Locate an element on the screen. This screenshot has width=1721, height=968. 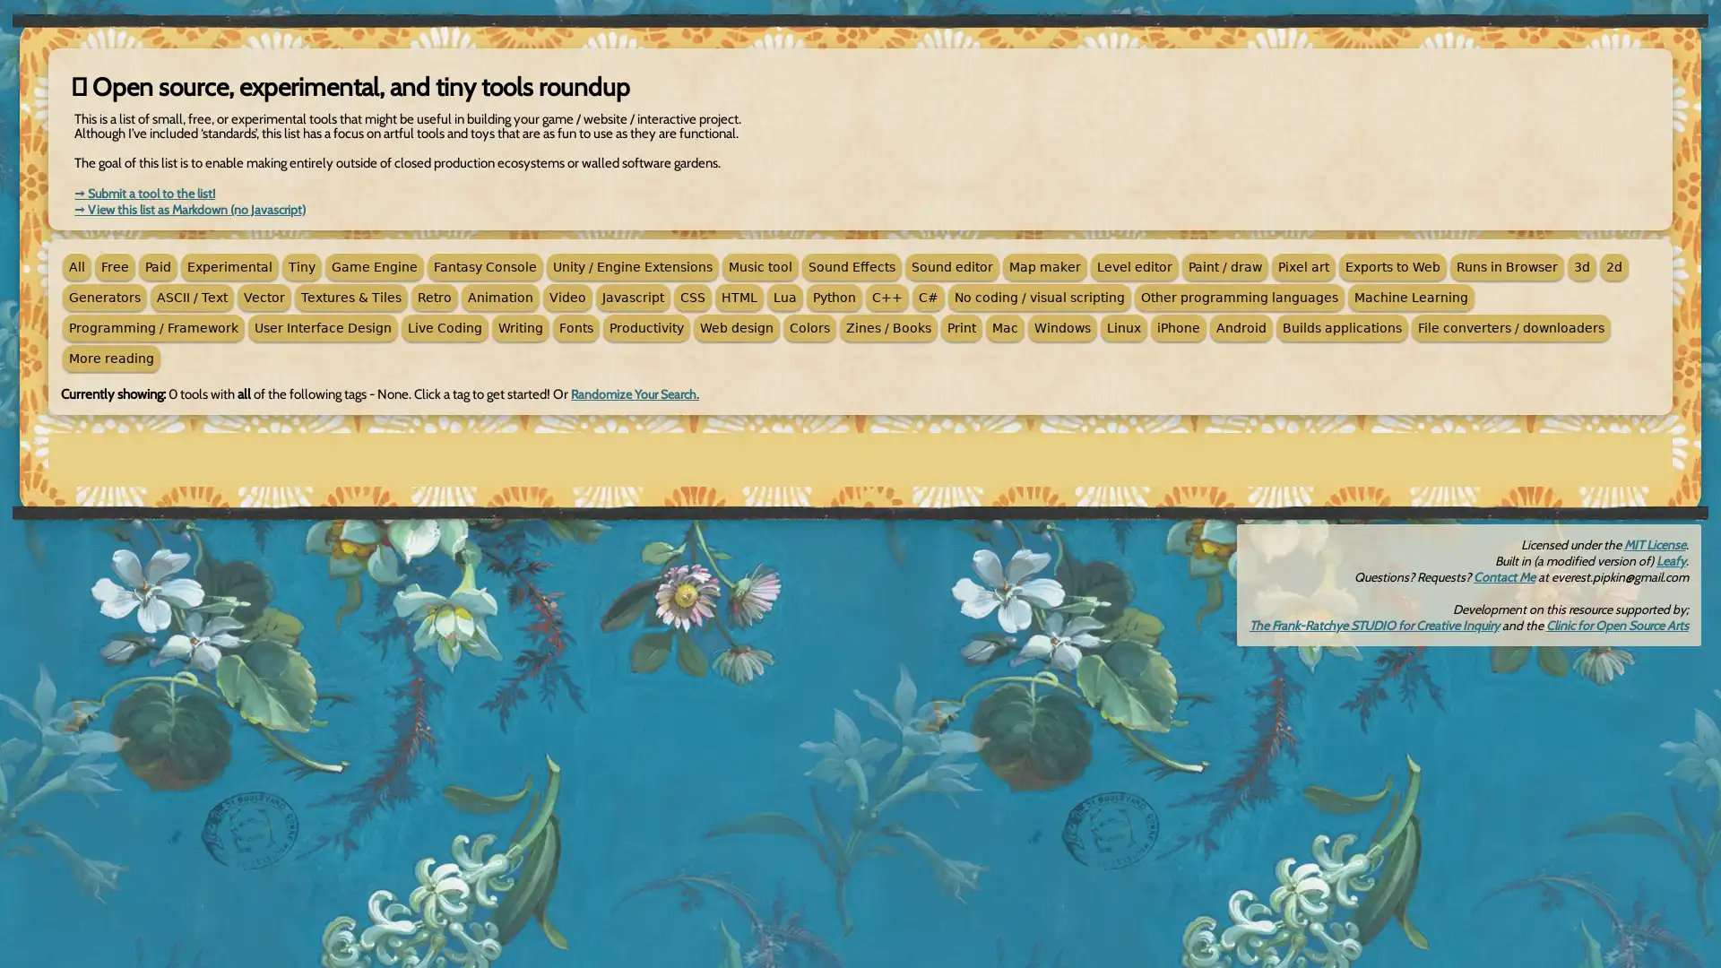
Zines / Books is located at coordinates (888, 328).